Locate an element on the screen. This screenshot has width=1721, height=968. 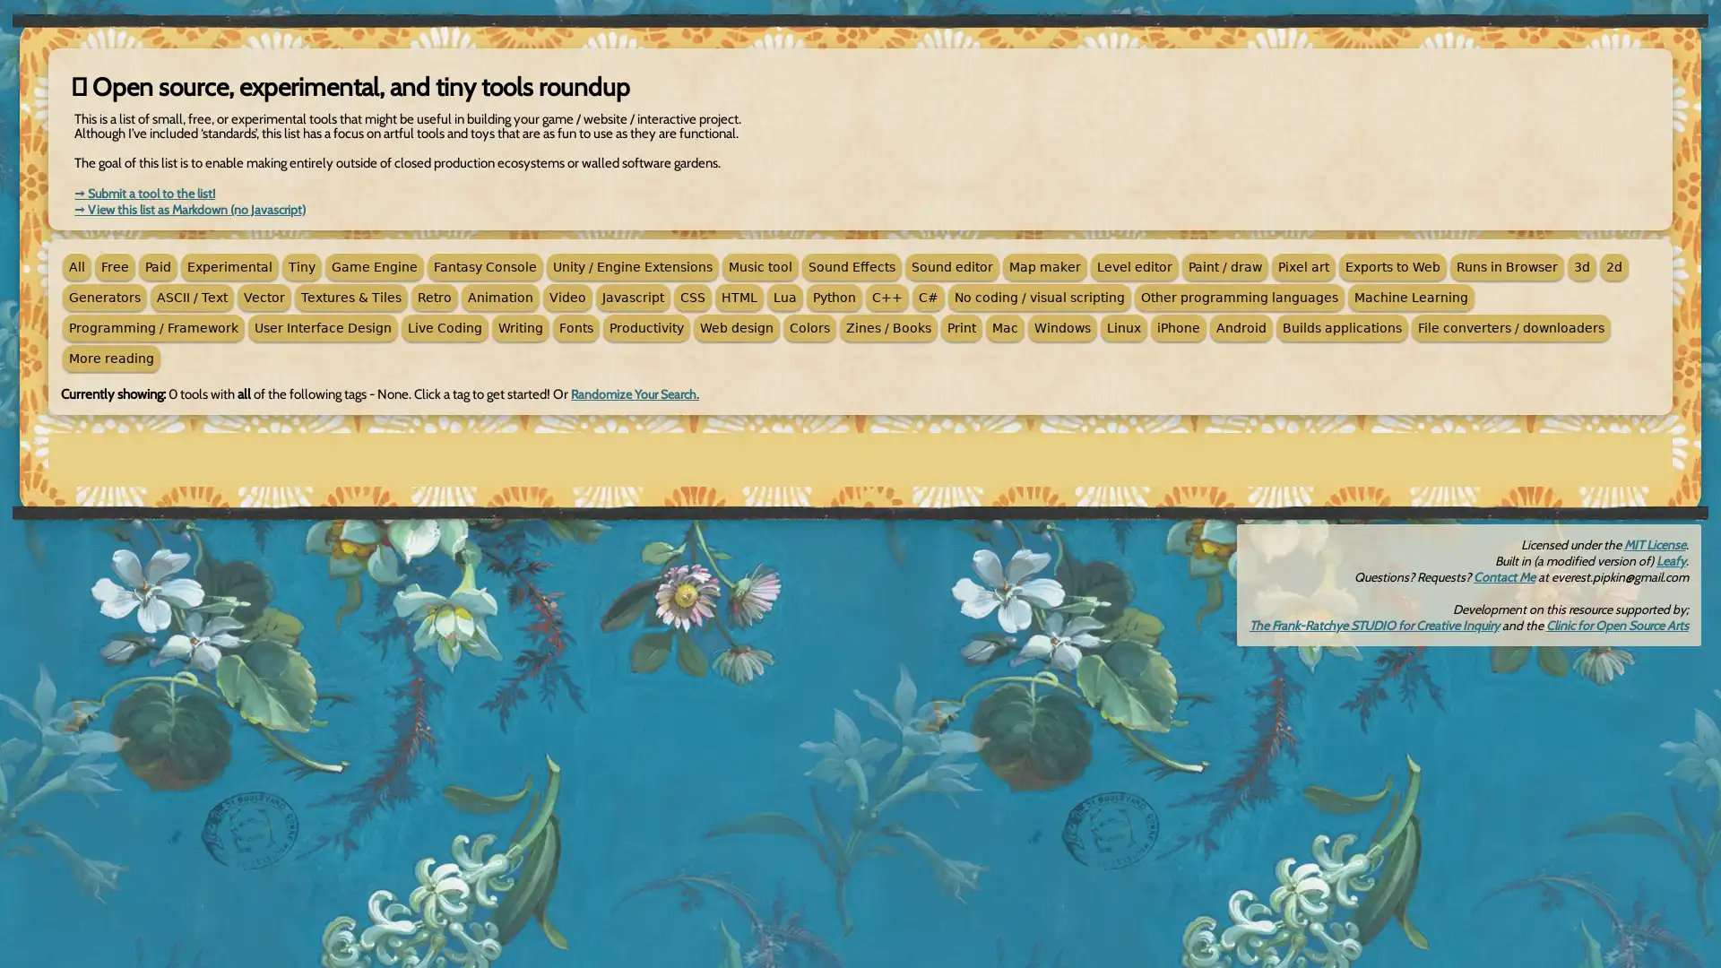
Zines / Books is located at coordinates (888, 328).